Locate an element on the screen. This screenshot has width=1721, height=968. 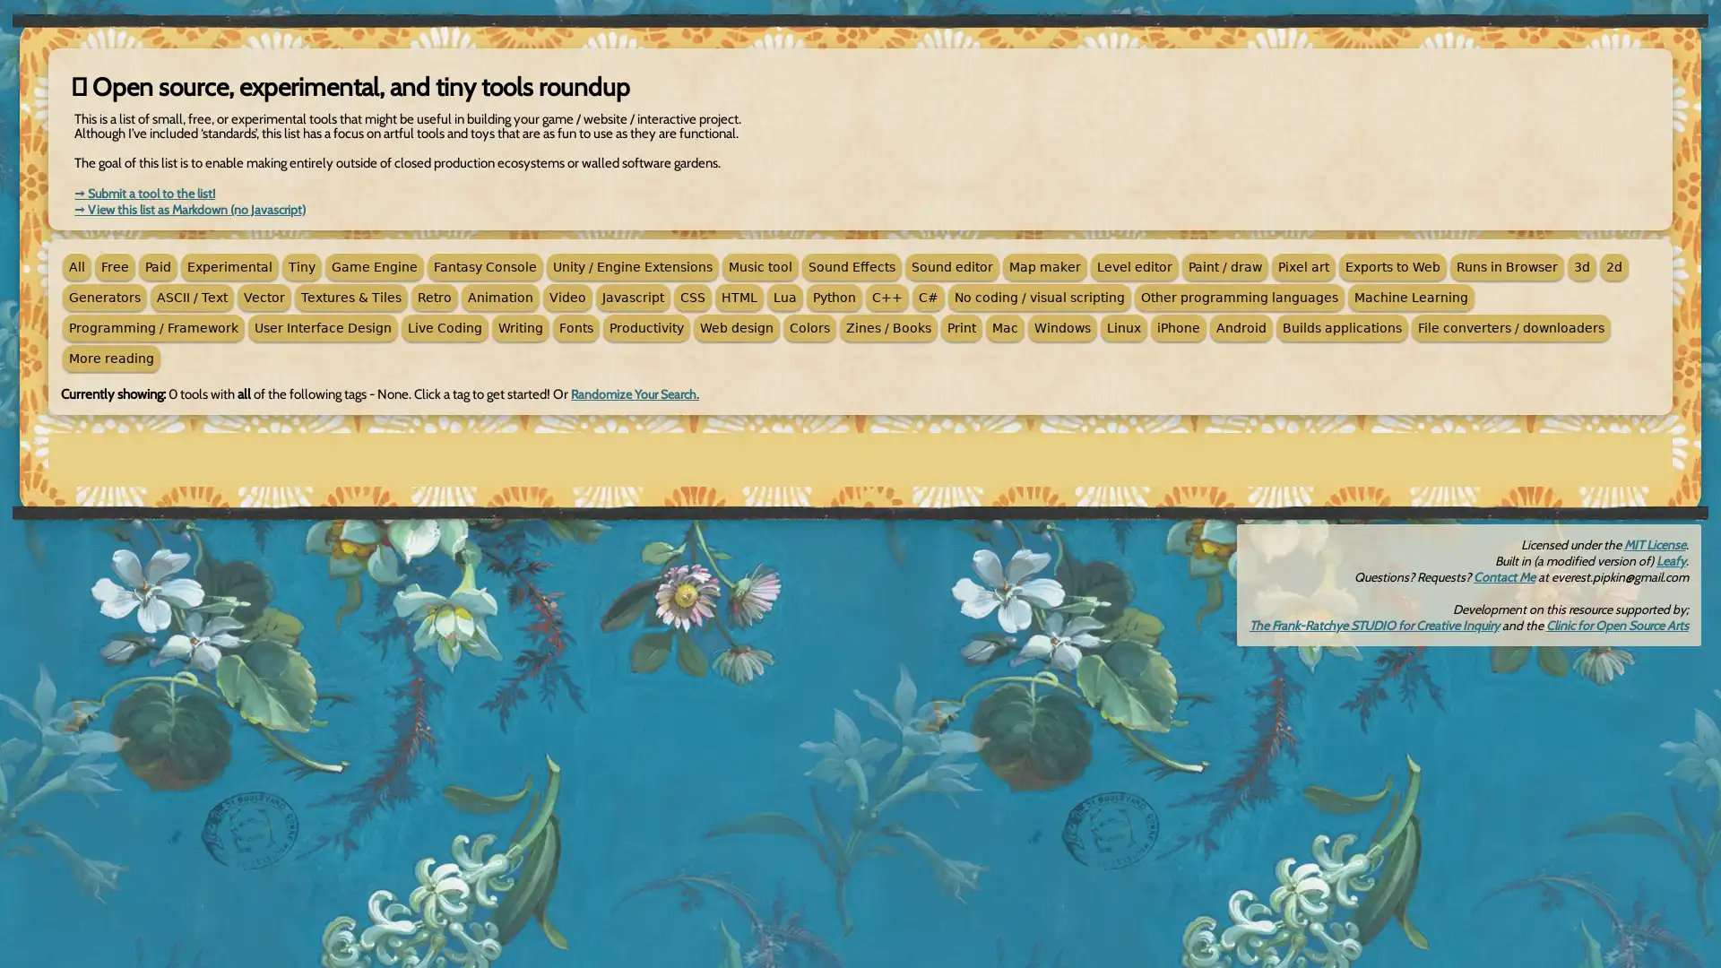
Zines / Books is located at coordinates (888, 328).